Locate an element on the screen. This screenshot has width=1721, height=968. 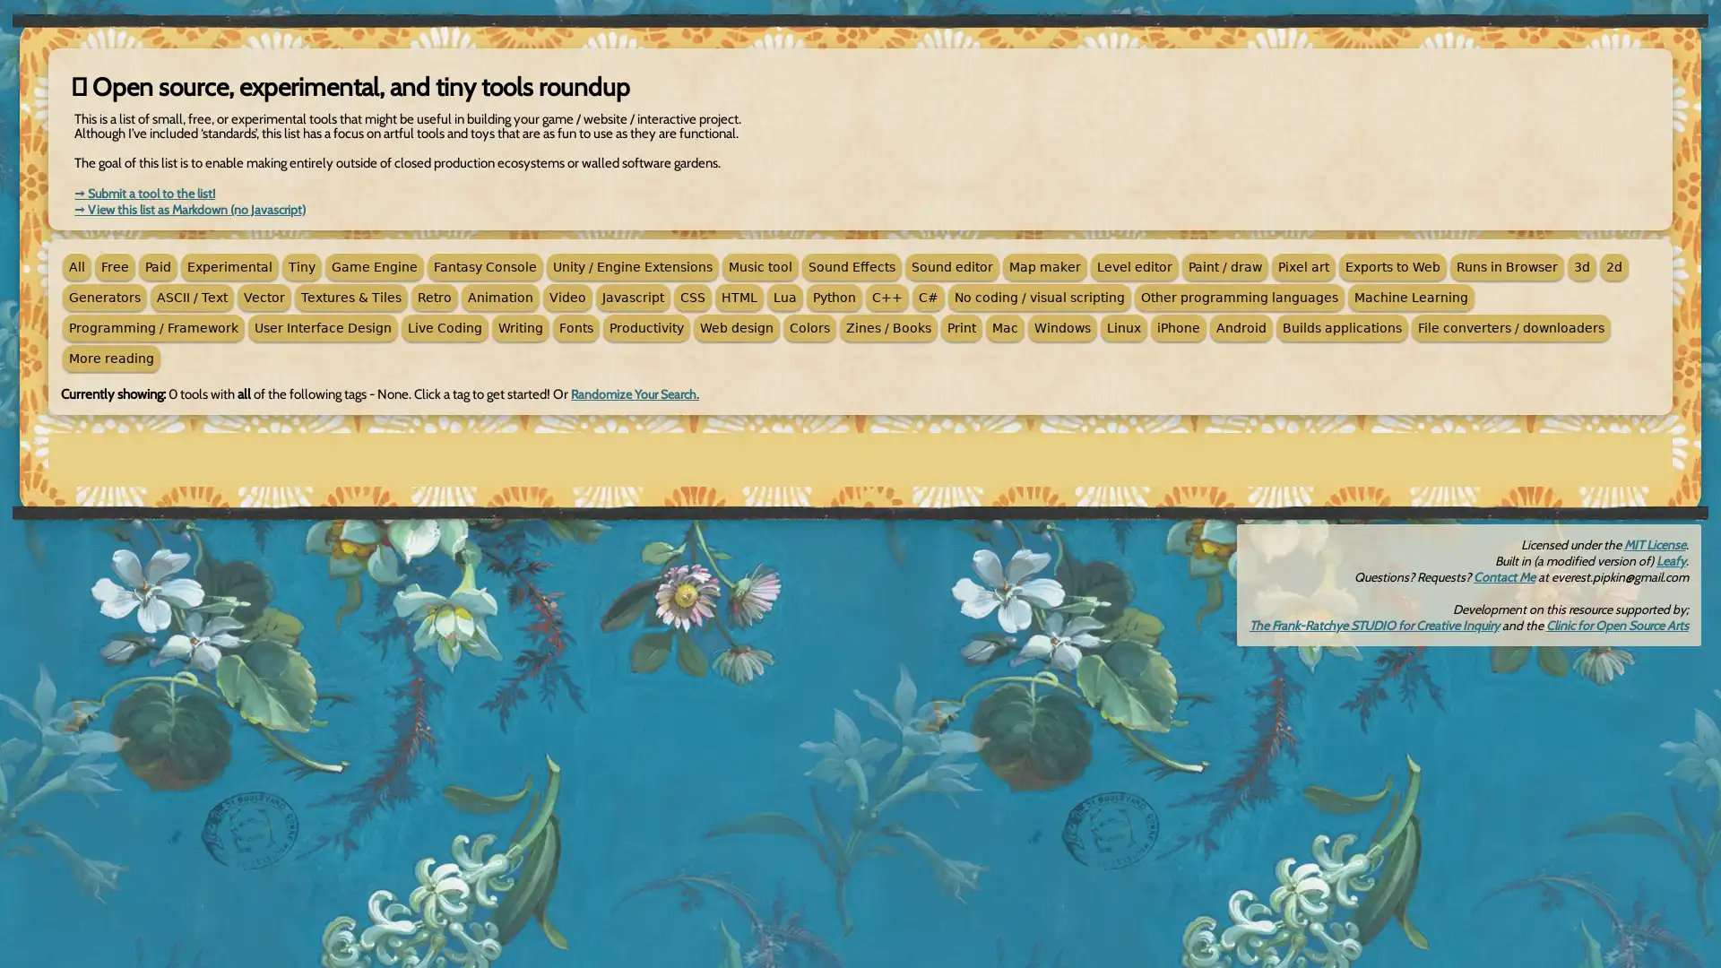
Zines / Books is located at coordinates (888, 328).